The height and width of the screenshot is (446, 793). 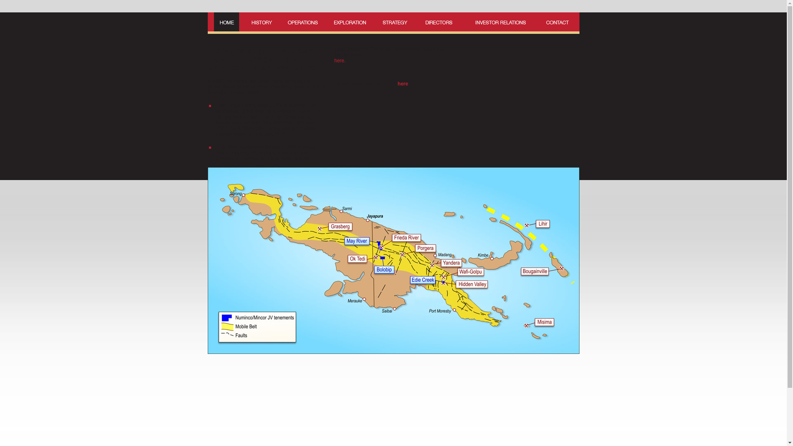 I want to click on ' ', so click(x=335, y=66).